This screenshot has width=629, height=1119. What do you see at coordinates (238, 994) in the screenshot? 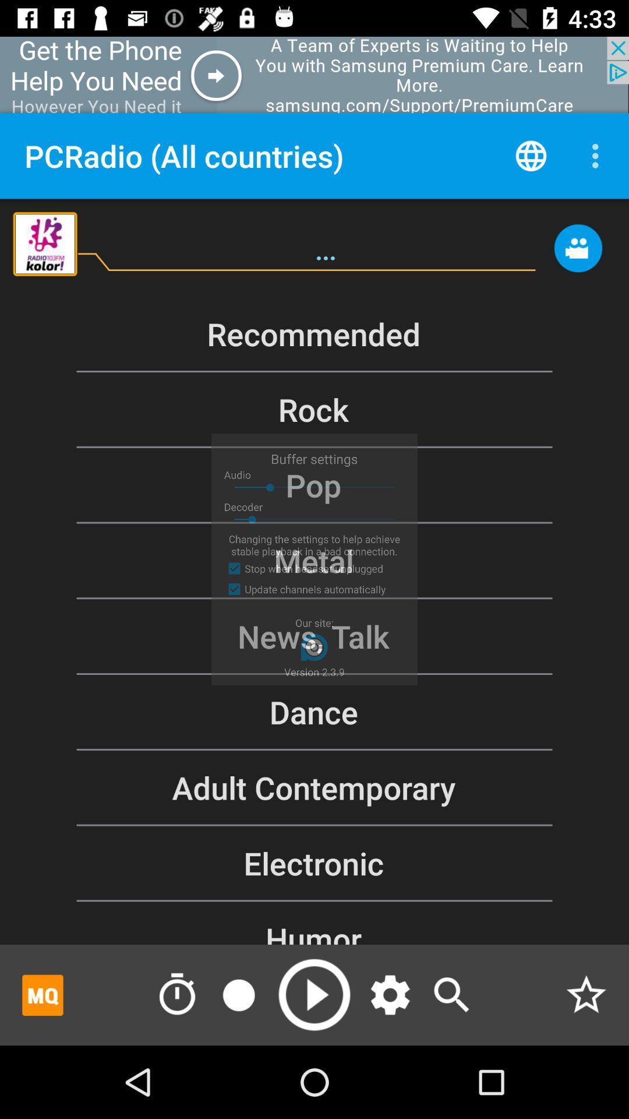
I see `pause option` at bounding box center [238, 994].